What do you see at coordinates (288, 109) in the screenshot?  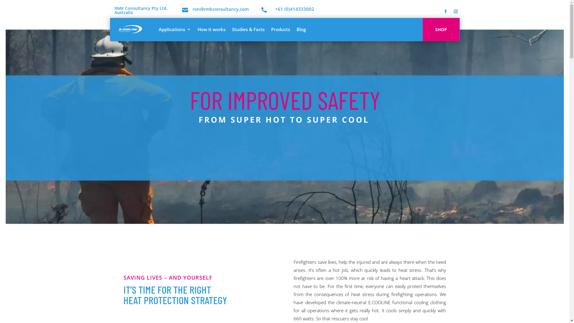 I see `'website home(19)'` at bounding box center [288, 109].